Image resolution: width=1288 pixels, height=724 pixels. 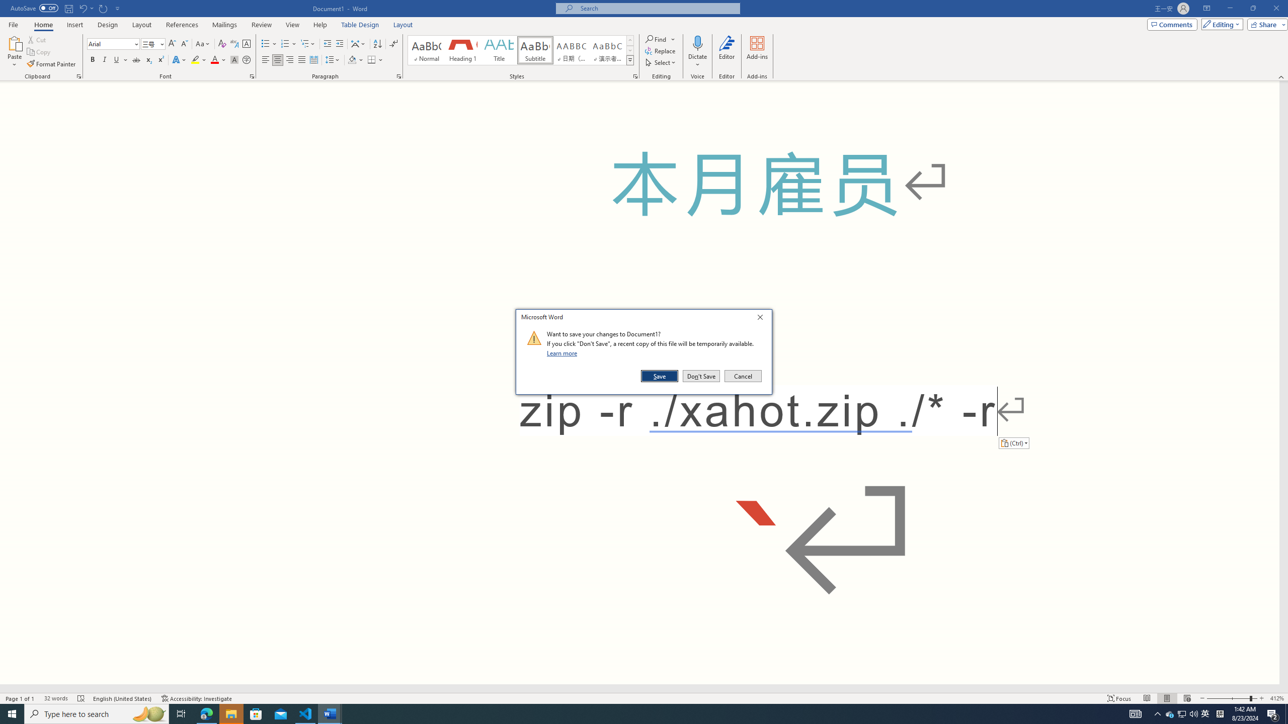 I want to click on 'Paste', so click(x=14, y=42).